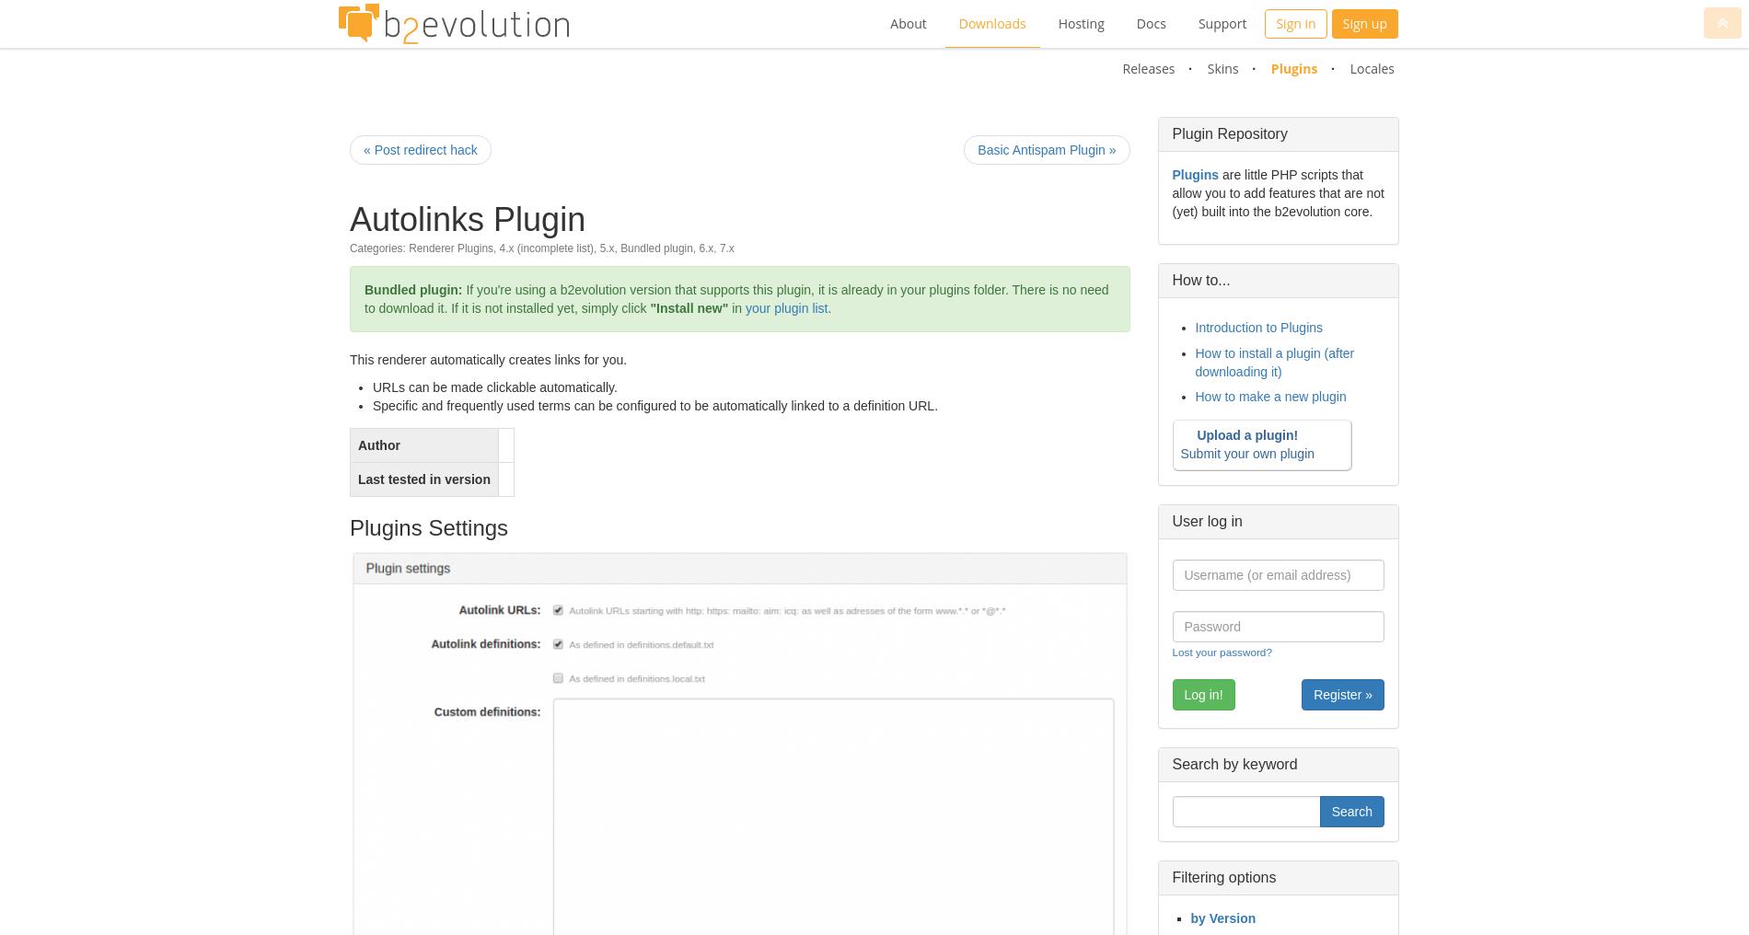 The width and height of the screenshot is (1749, 935). What do you see at coordinates (828, 306) in the screenshot?
I see `'.'` at bounding box center [828, 306].